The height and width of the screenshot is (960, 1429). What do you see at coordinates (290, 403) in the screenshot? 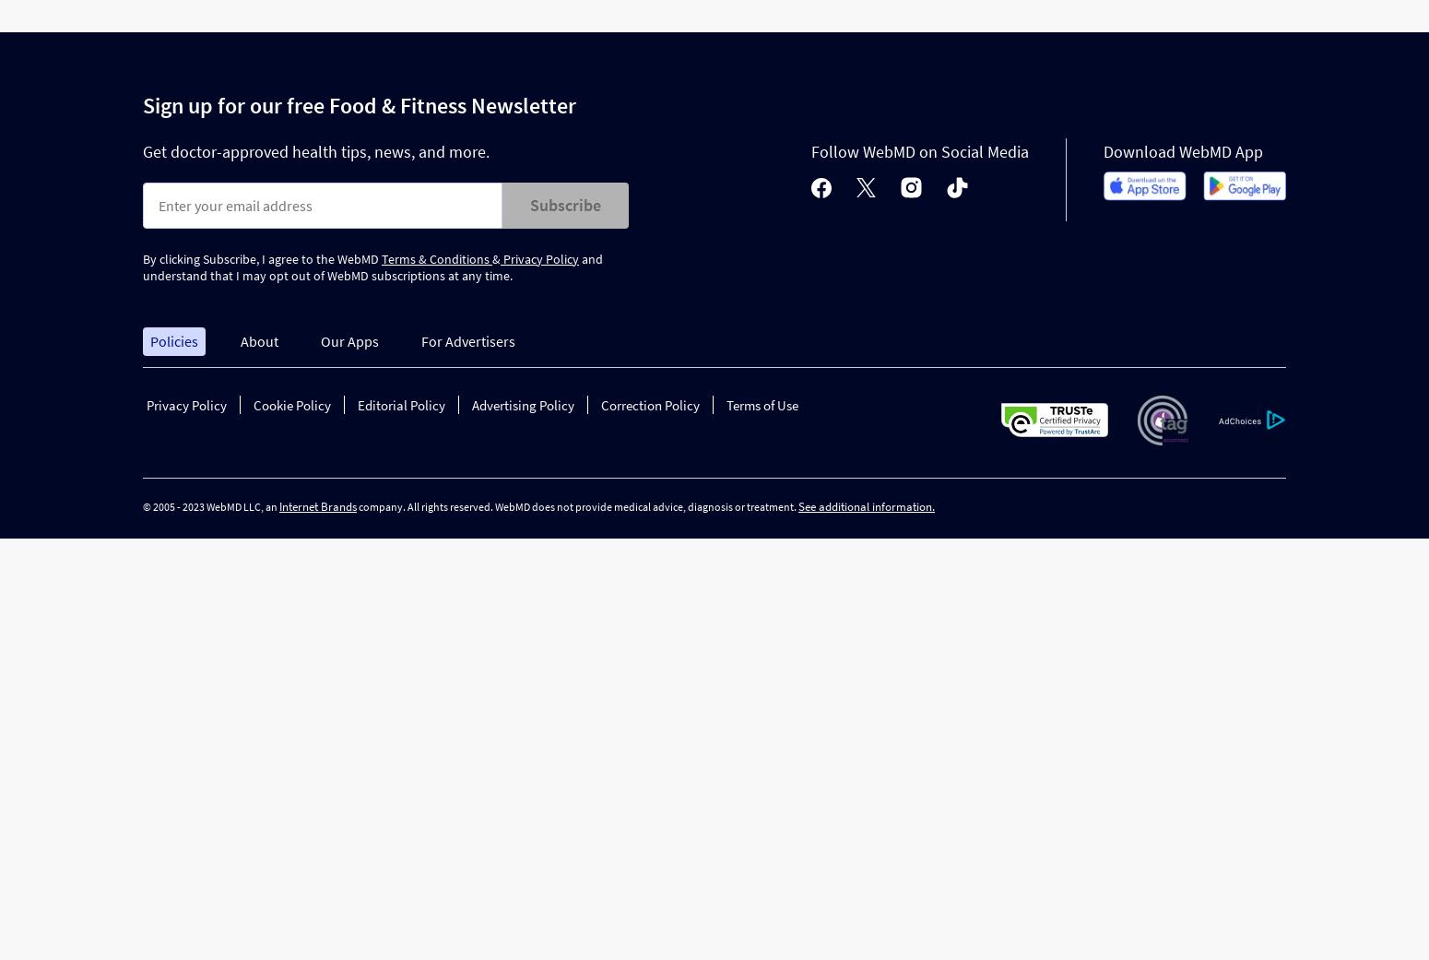
I see `'Cookie Policy'` at bounding box center [290, 403].